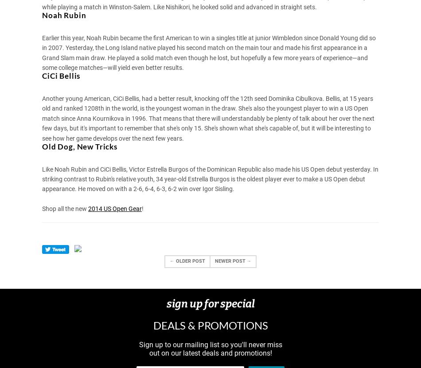  I want to click on 'Shop all the new', so click(65, 208).